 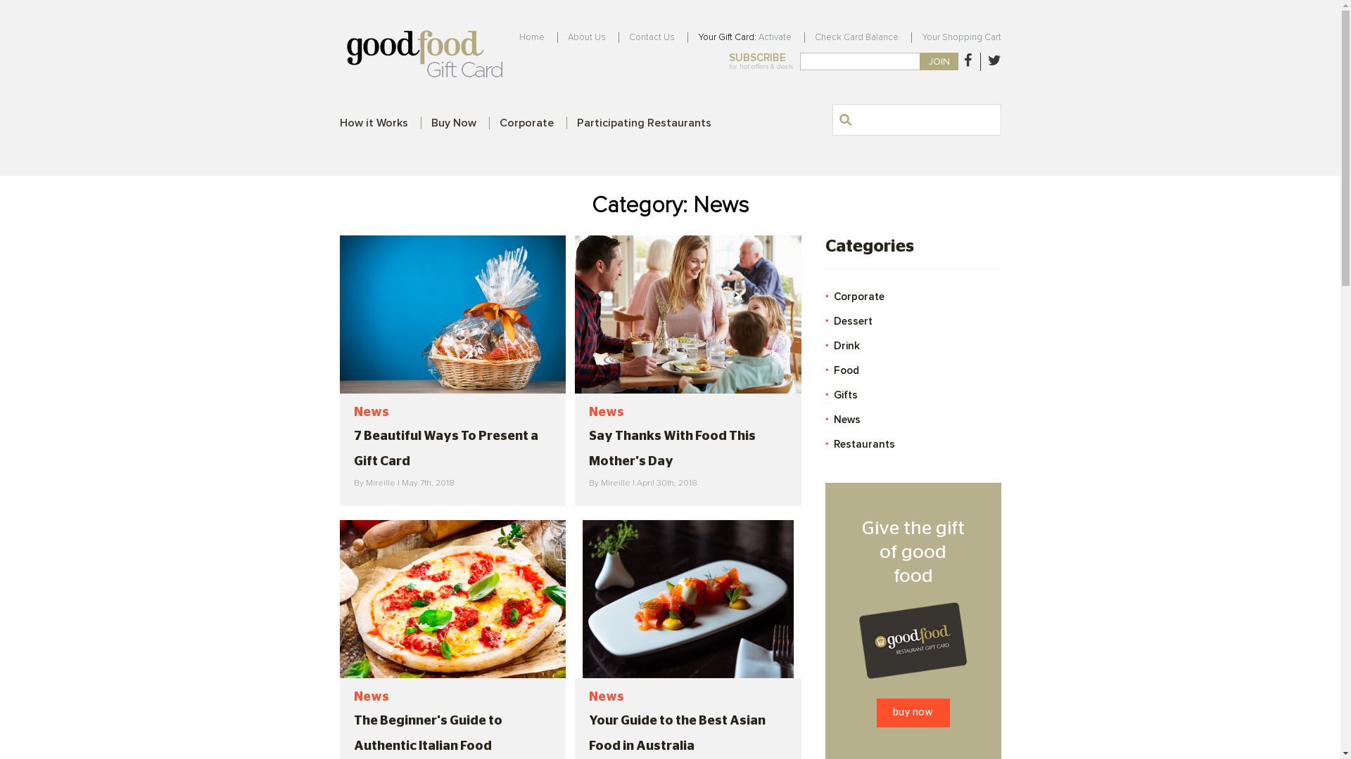 I want to click on 'About Us', so click(x=586, y=37).